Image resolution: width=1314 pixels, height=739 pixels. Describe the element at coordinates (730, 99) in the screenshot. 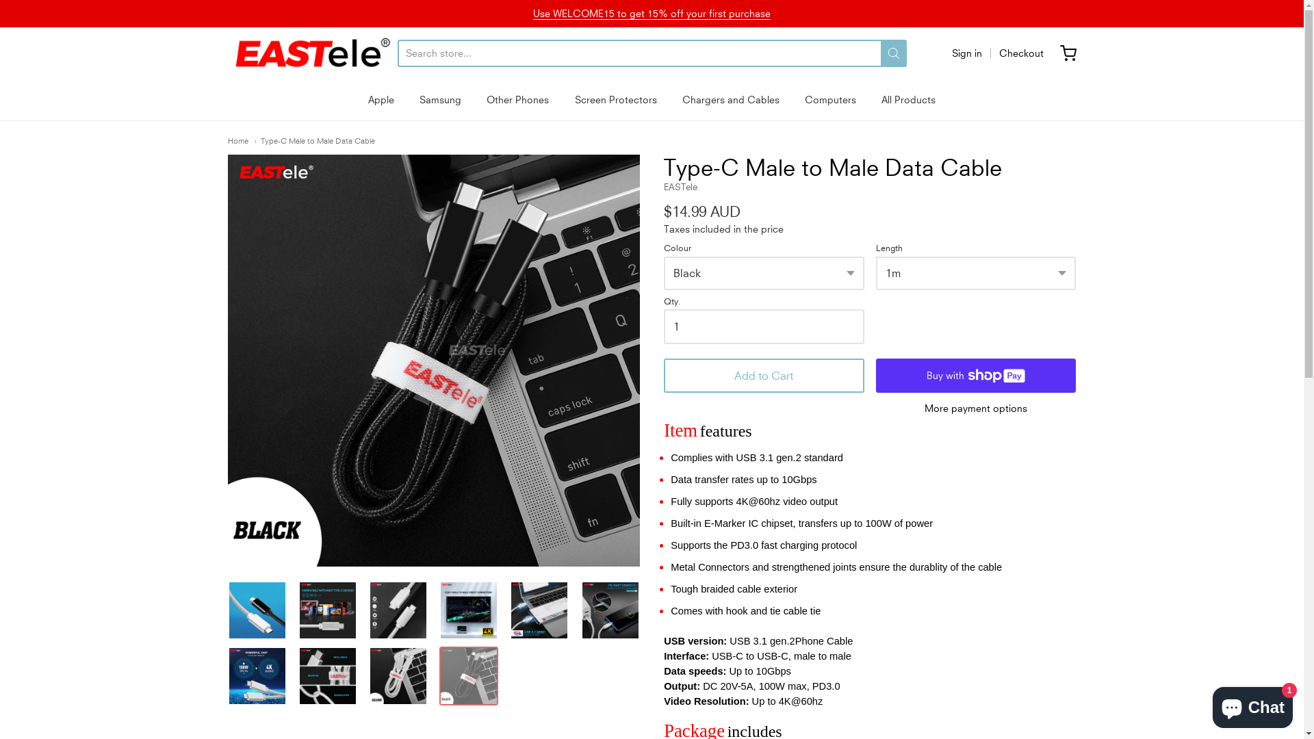

I see `'Chargers and Cables'` at that location.